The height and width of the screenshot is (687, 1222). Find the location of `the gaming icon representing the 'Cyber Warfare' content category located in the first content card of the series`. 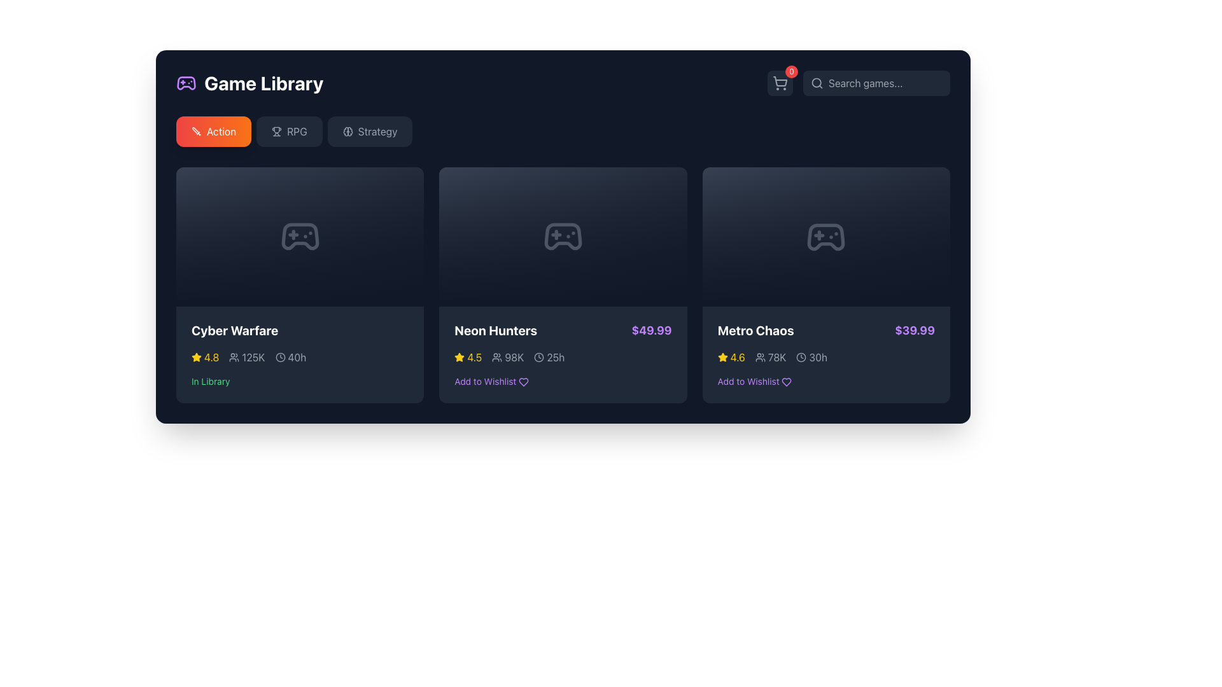

the gaming icon representing the 'Cyber Warfare' content category located in the first content card of the series is located at coordinates (299, 237).